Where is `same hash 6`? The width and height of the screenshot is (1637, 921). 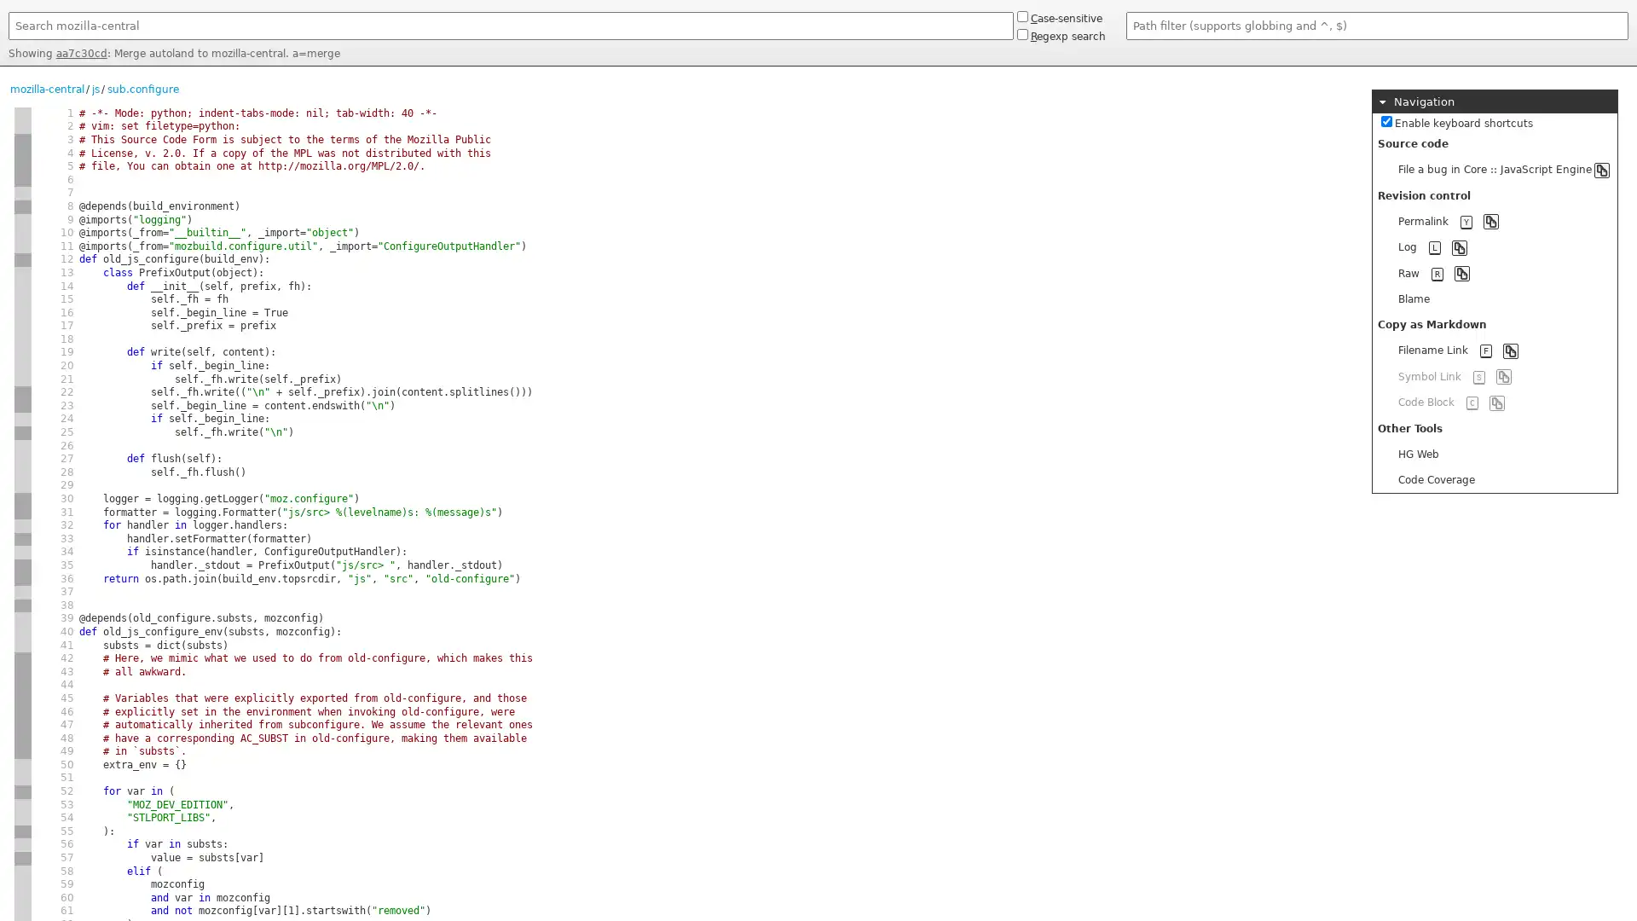 same hash 6 is located at coordinates (23, 365).